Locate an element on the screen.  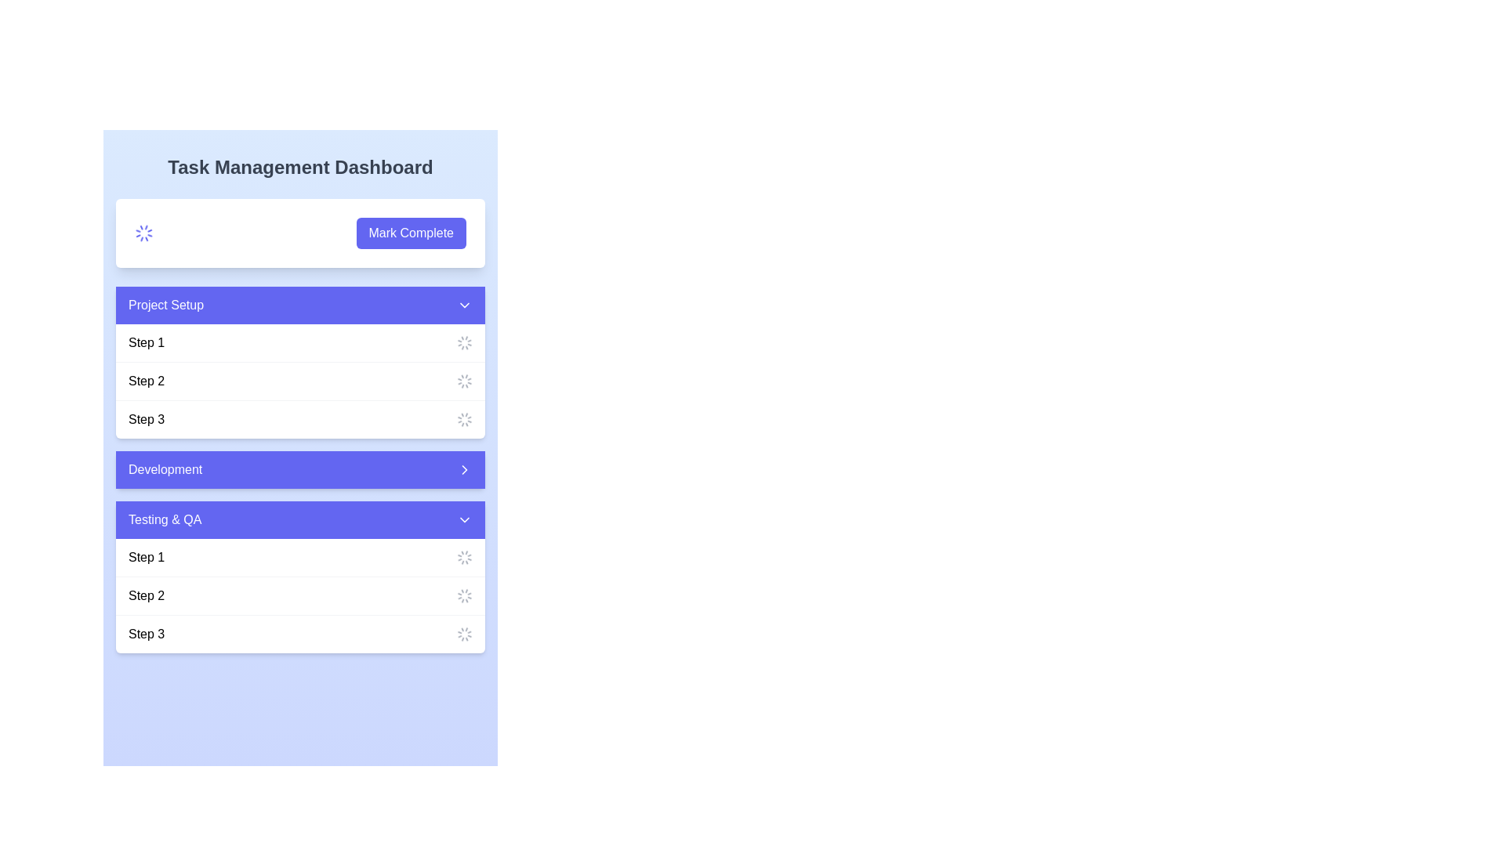
the Loader icon located to the far right of the 'Step 2' entry in the 'Testing & QA' section to indicate ongoing processing is located at coordinates (464, 595).